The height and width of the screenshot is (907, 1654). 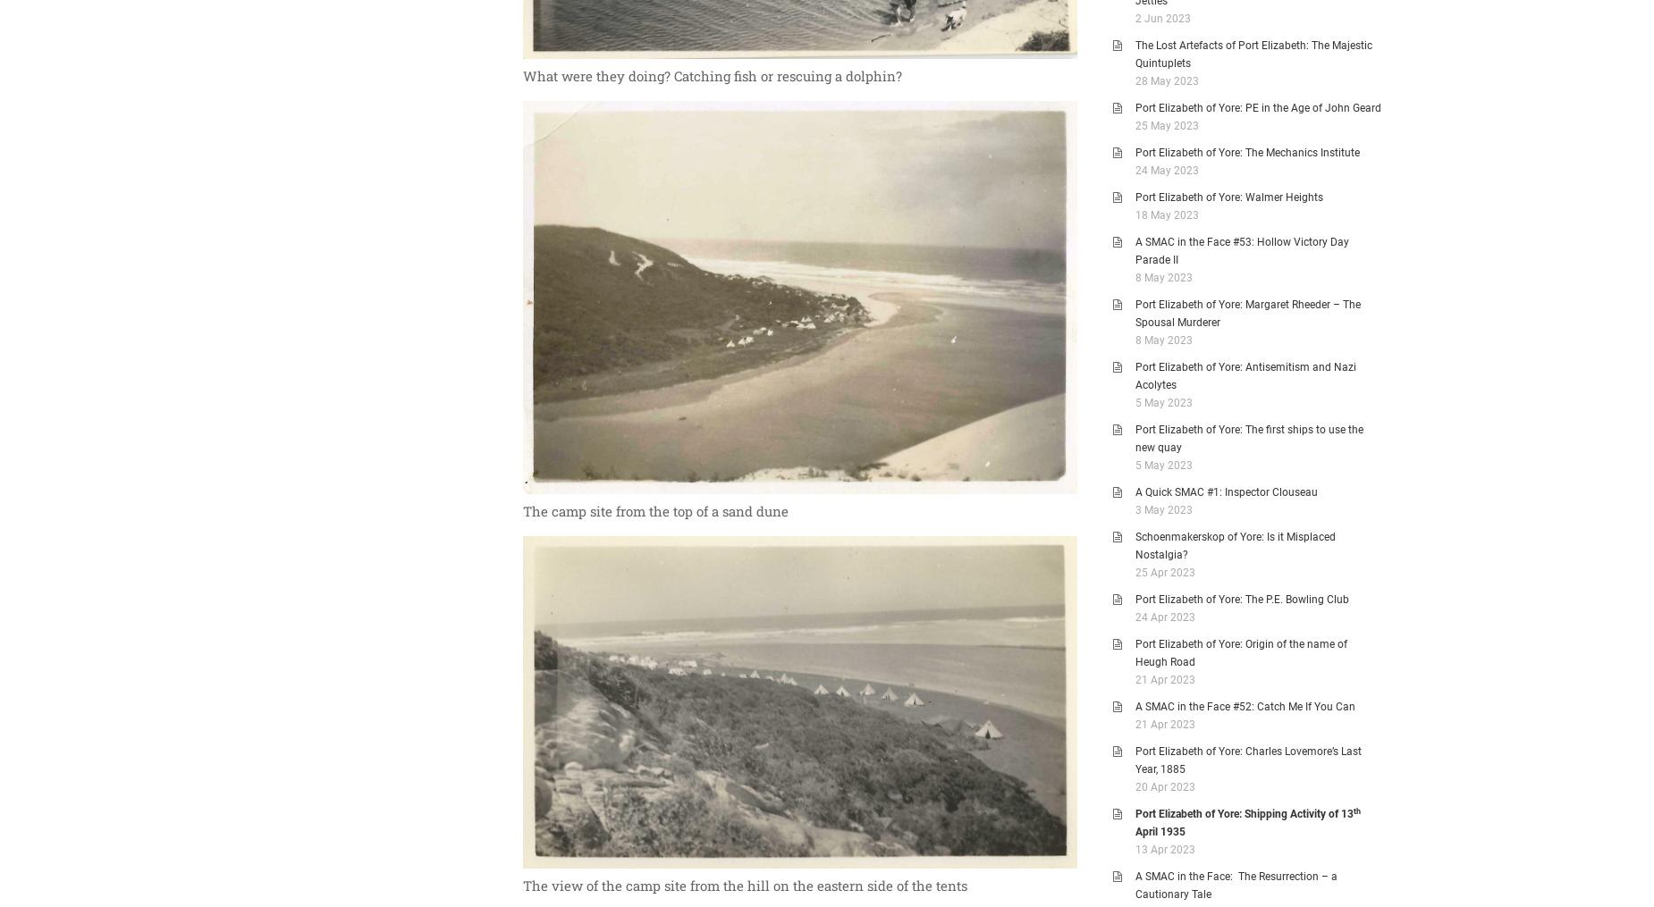 What do you see at coordinates (1245, 376) in the screenshot?
I see `'Port Elizabeth of Yore: Antisemitism and Nazi Acolytes'` at bounding box center [1245, 376].